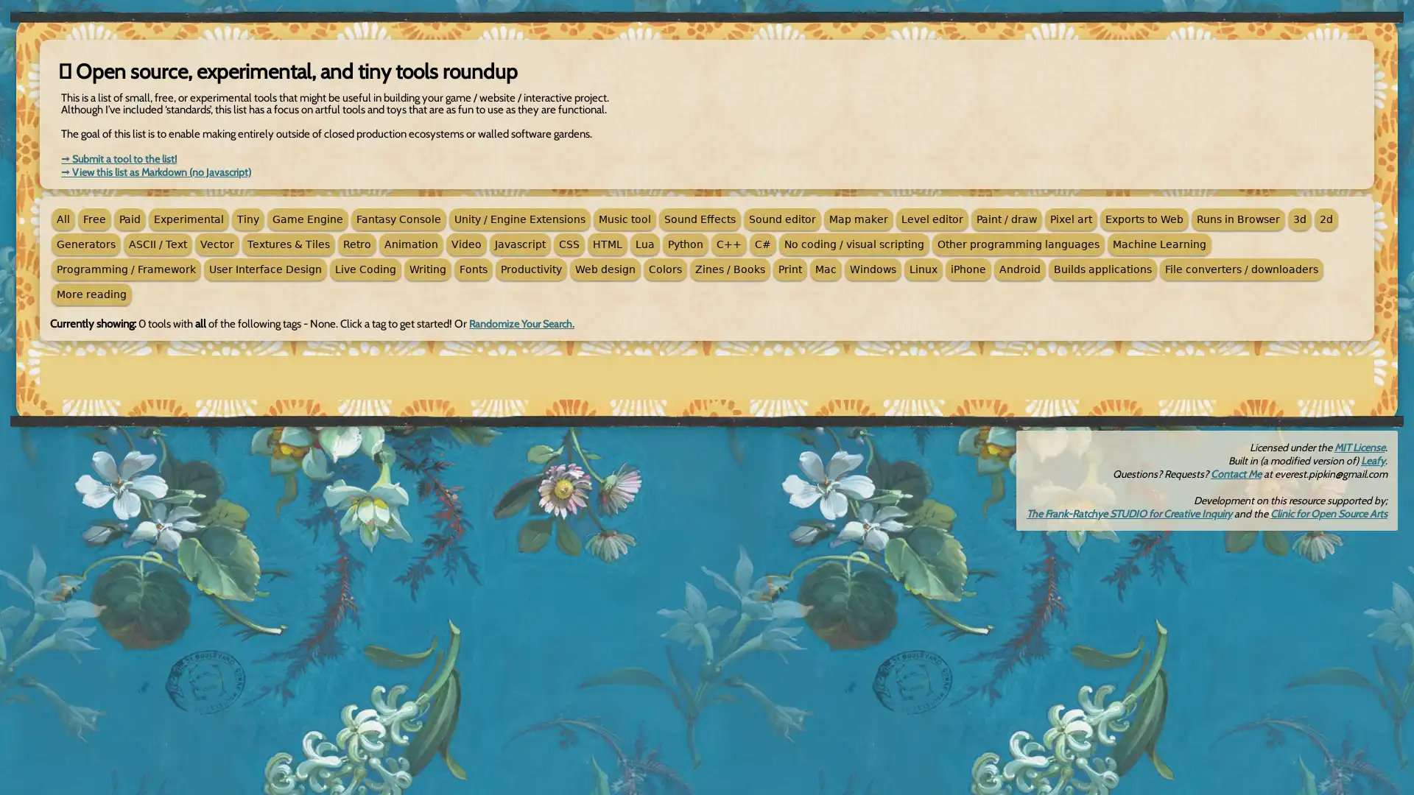  Describe the element at coordinates (664, 269) in the screenshot. I see `Colors` at that location.